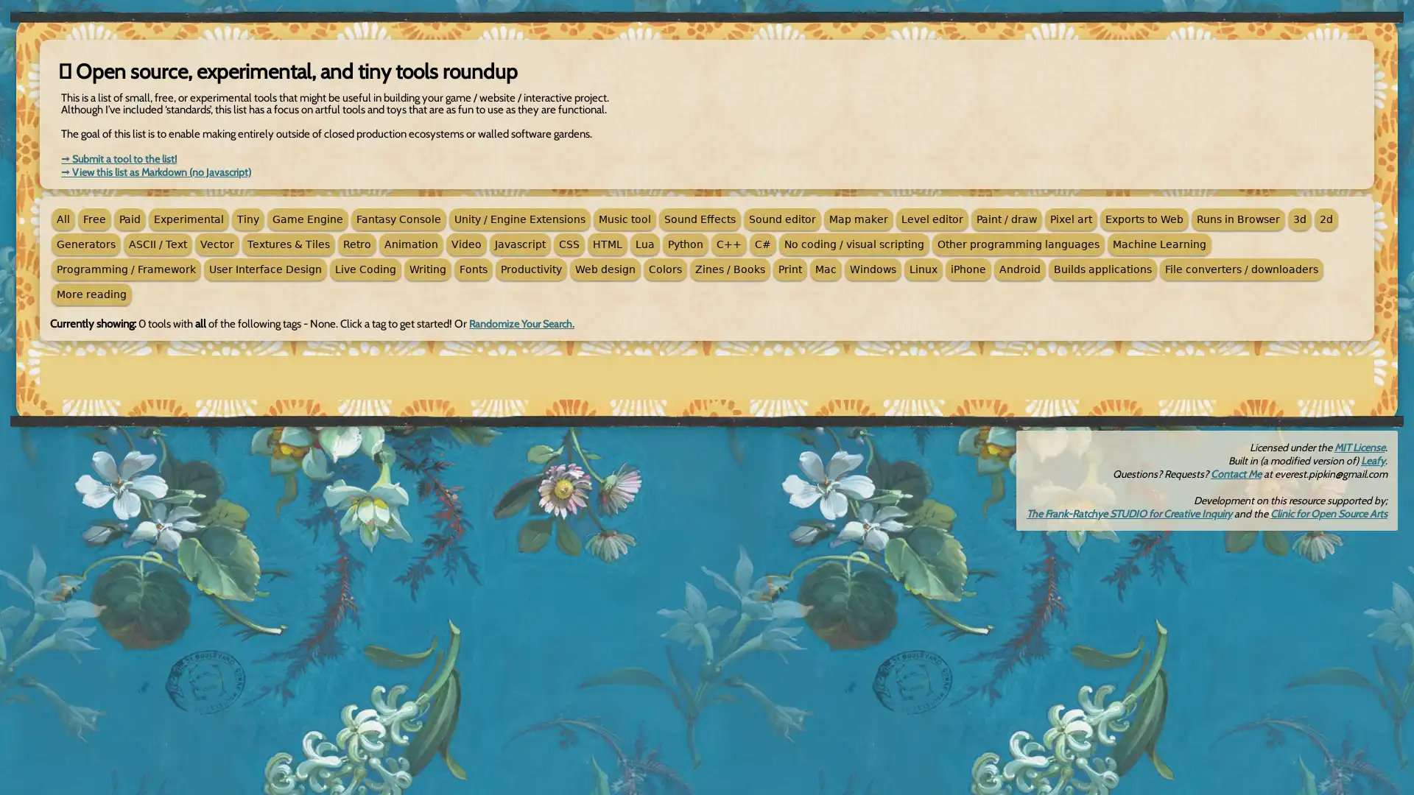  Describe the element at coordinates (664, 269) in the screenshot. I see `Colors` at that location.